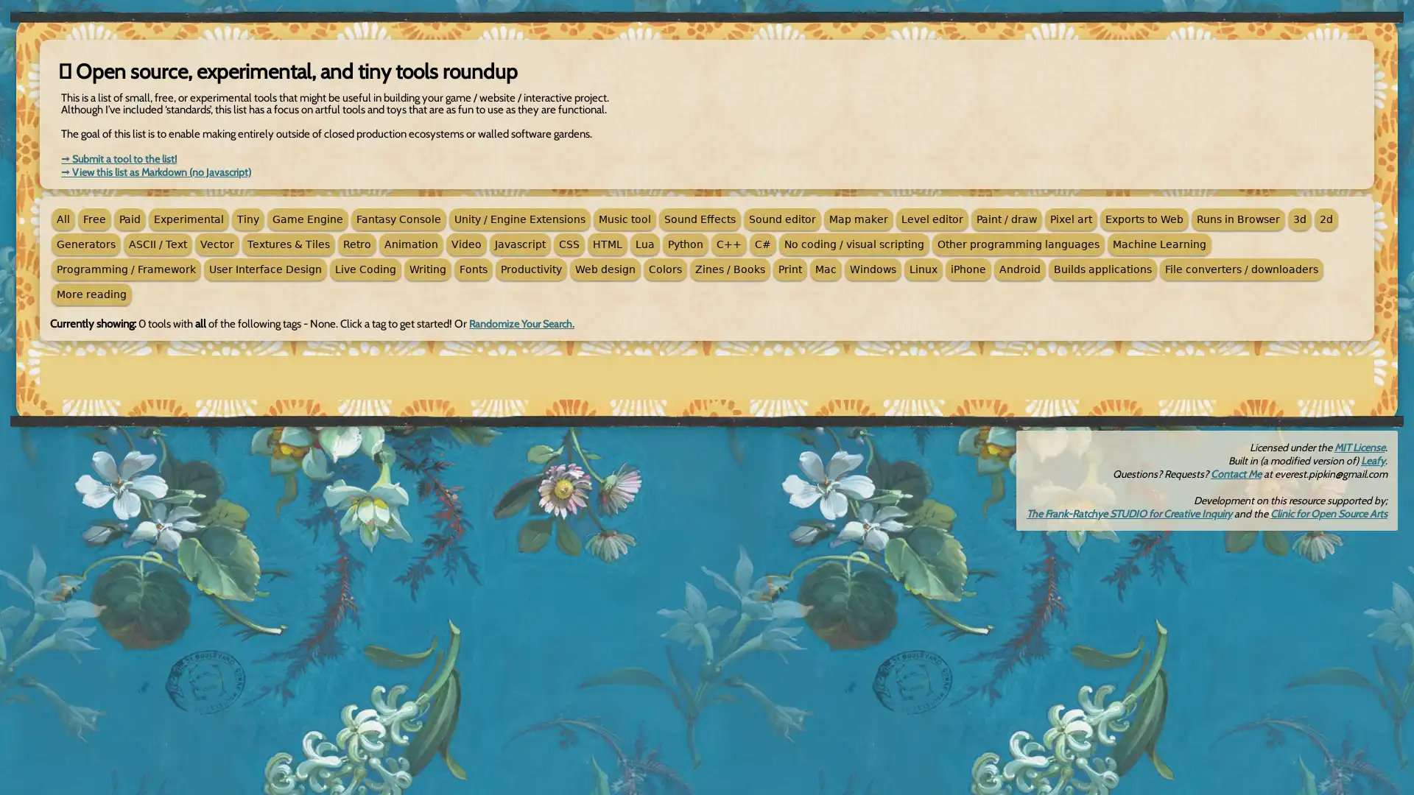  Describe the element at coordinates (664, 269) in the screenshot. I see `Colors` at that location.